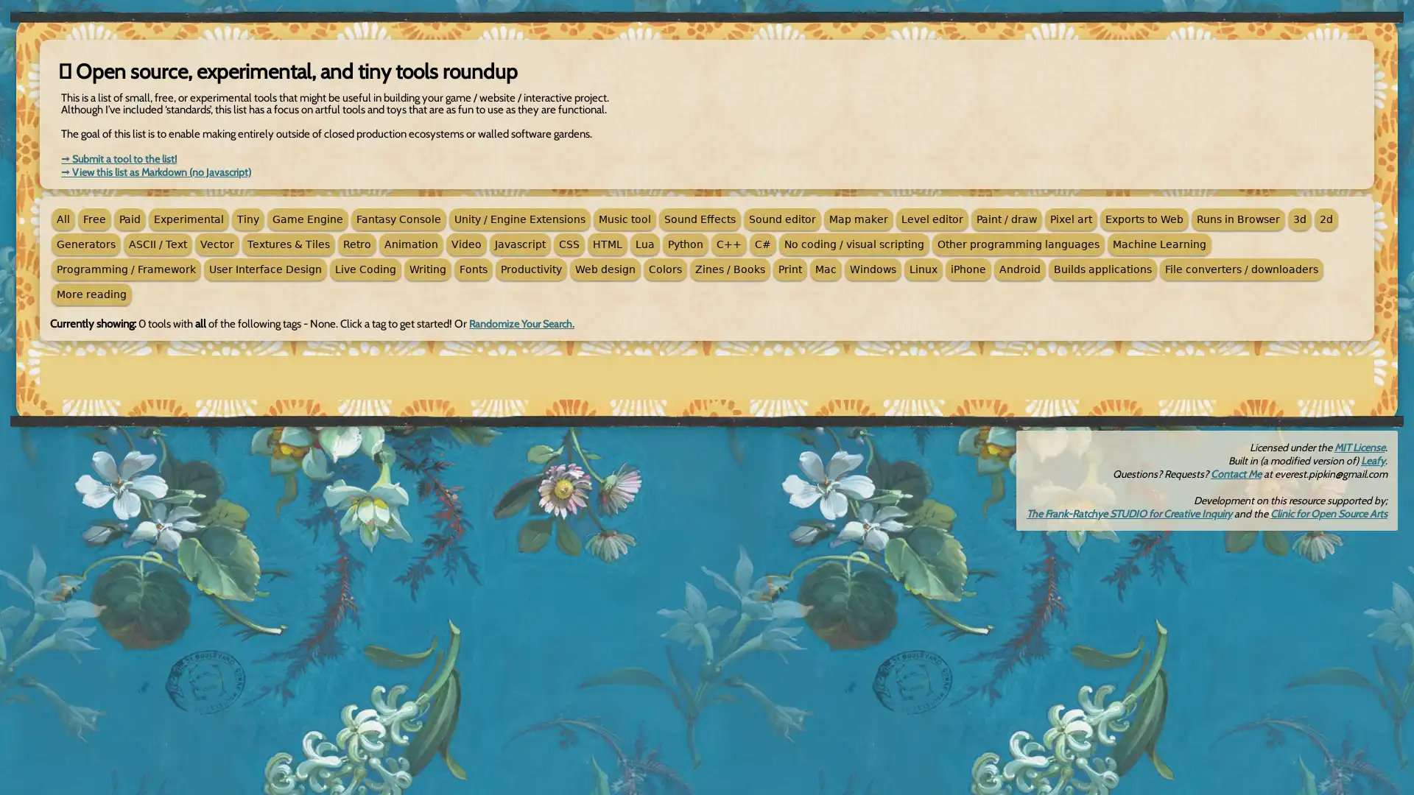  Describe the element at coordinates (664, 269) in the screenshot. I see `Colors` at that location.